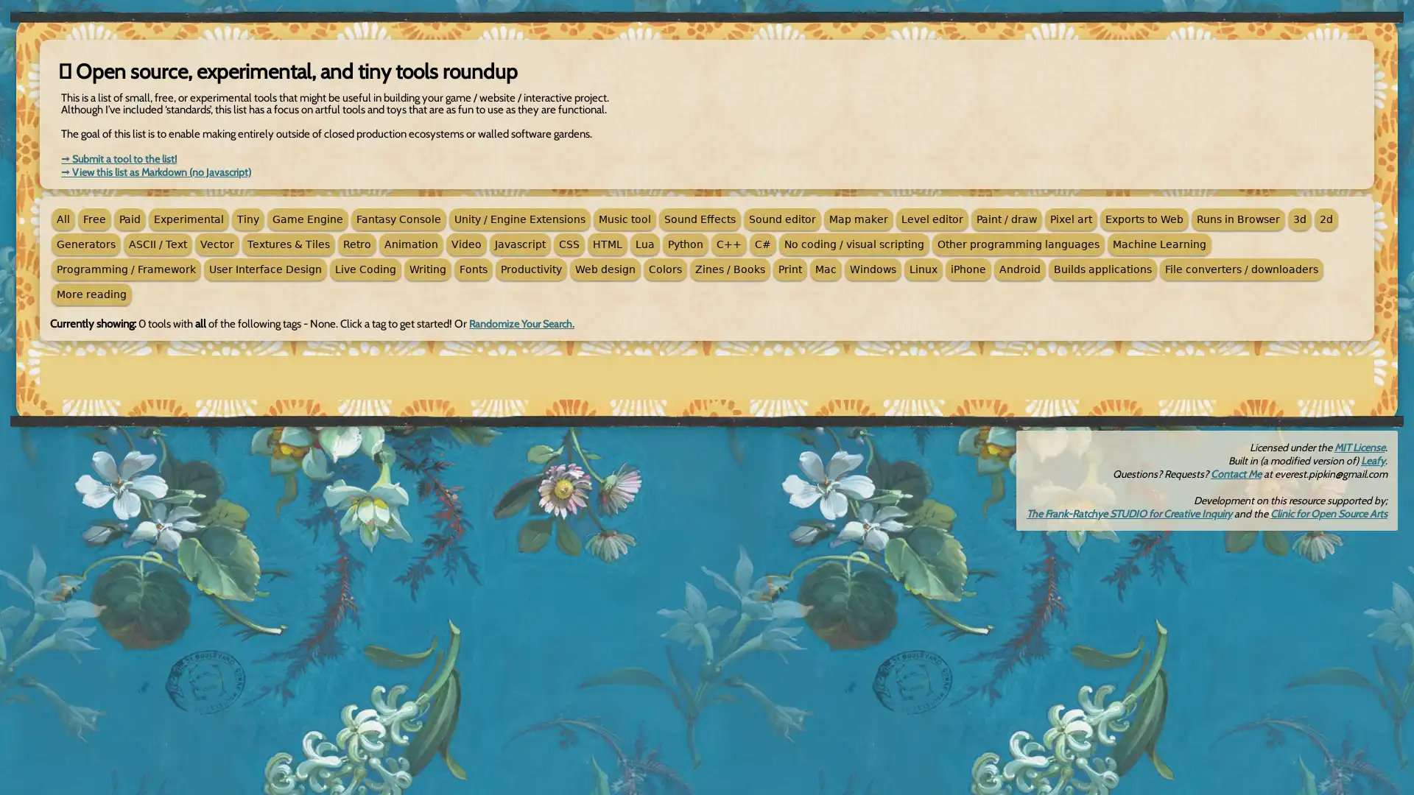  Describe the element at coordinates (664, 269) in the screenshot. I see `Colors` at that location.